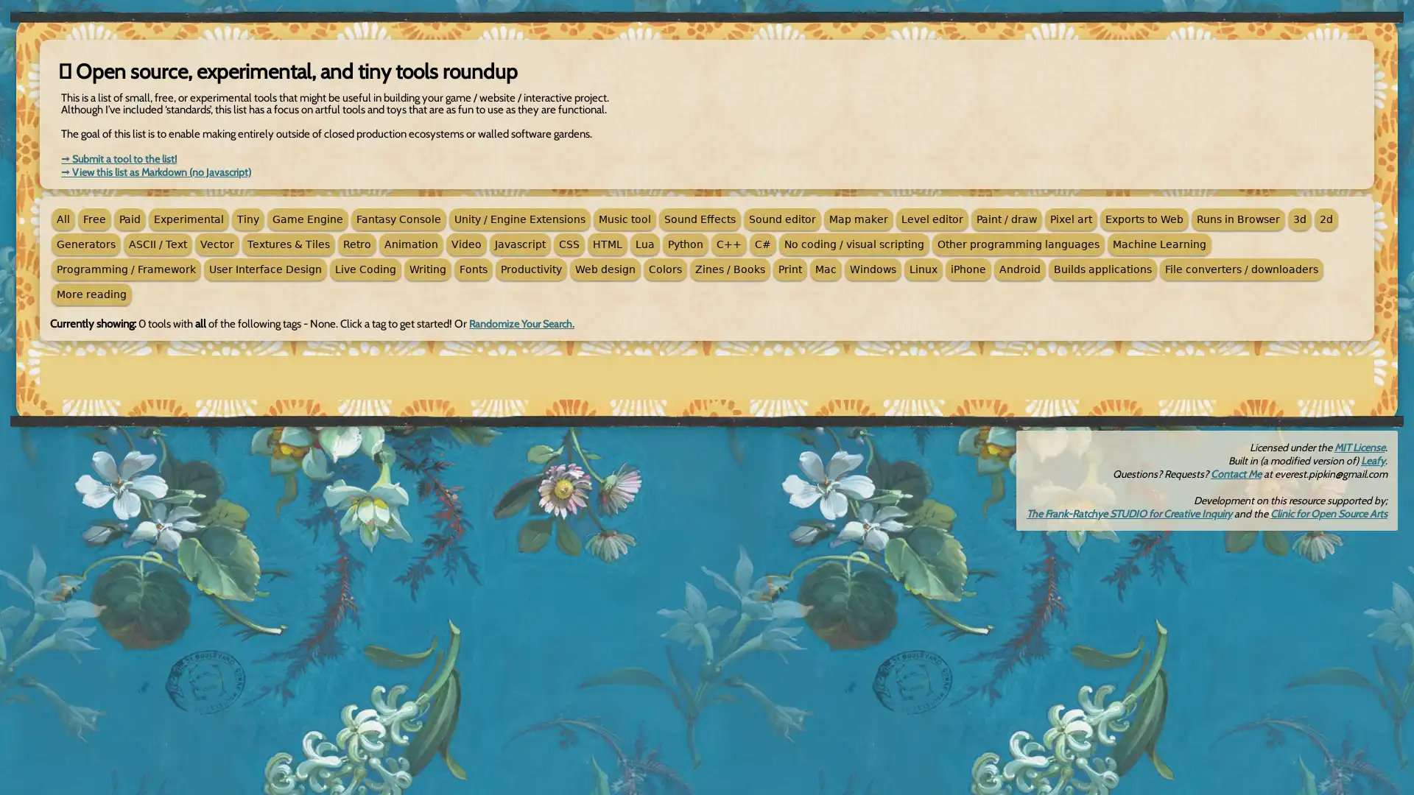  Describe the element at coordinates (664, 269) in the screenshot. I see `Colors` at that location.